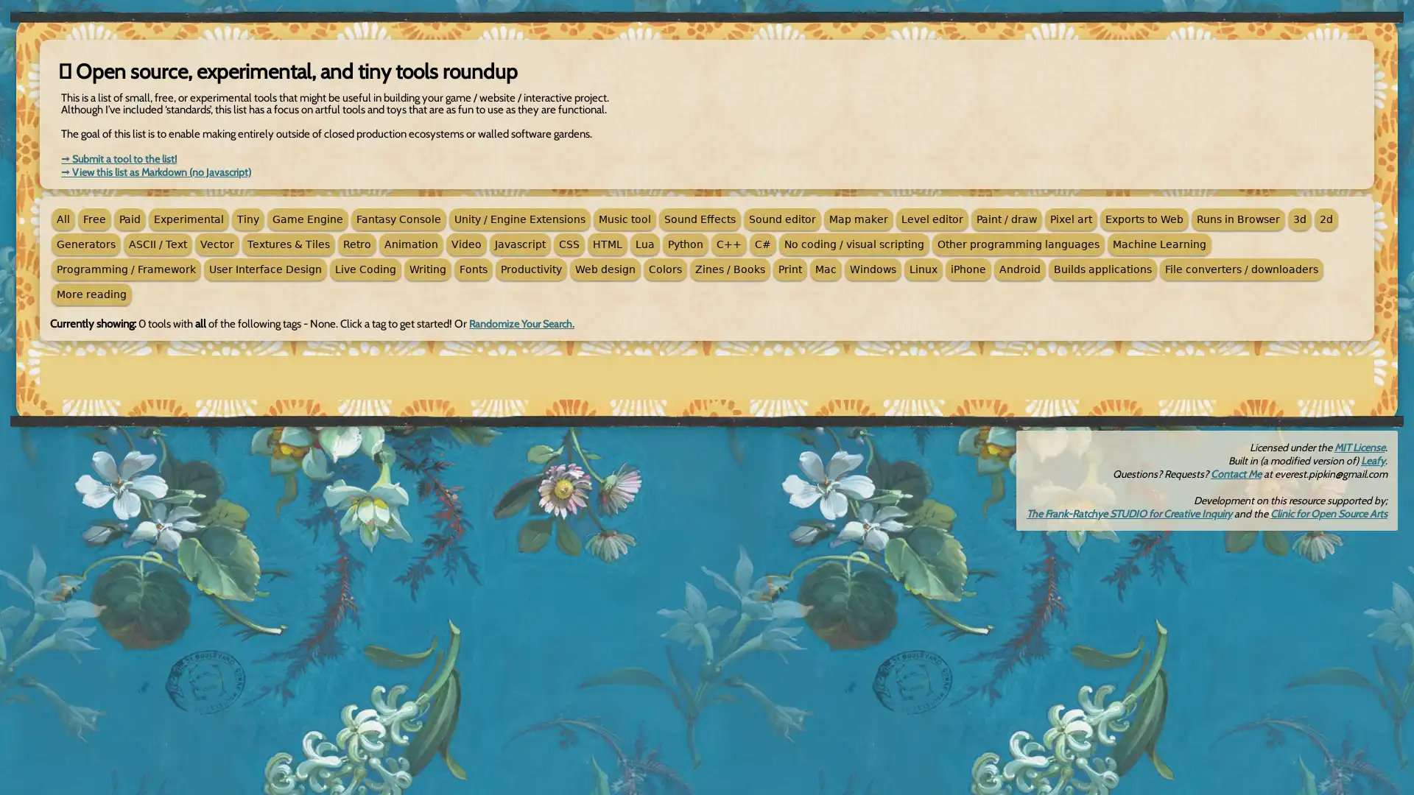  Describe the element at coordinates (664, 269) in the screenshot. I see `Colors` at that location.